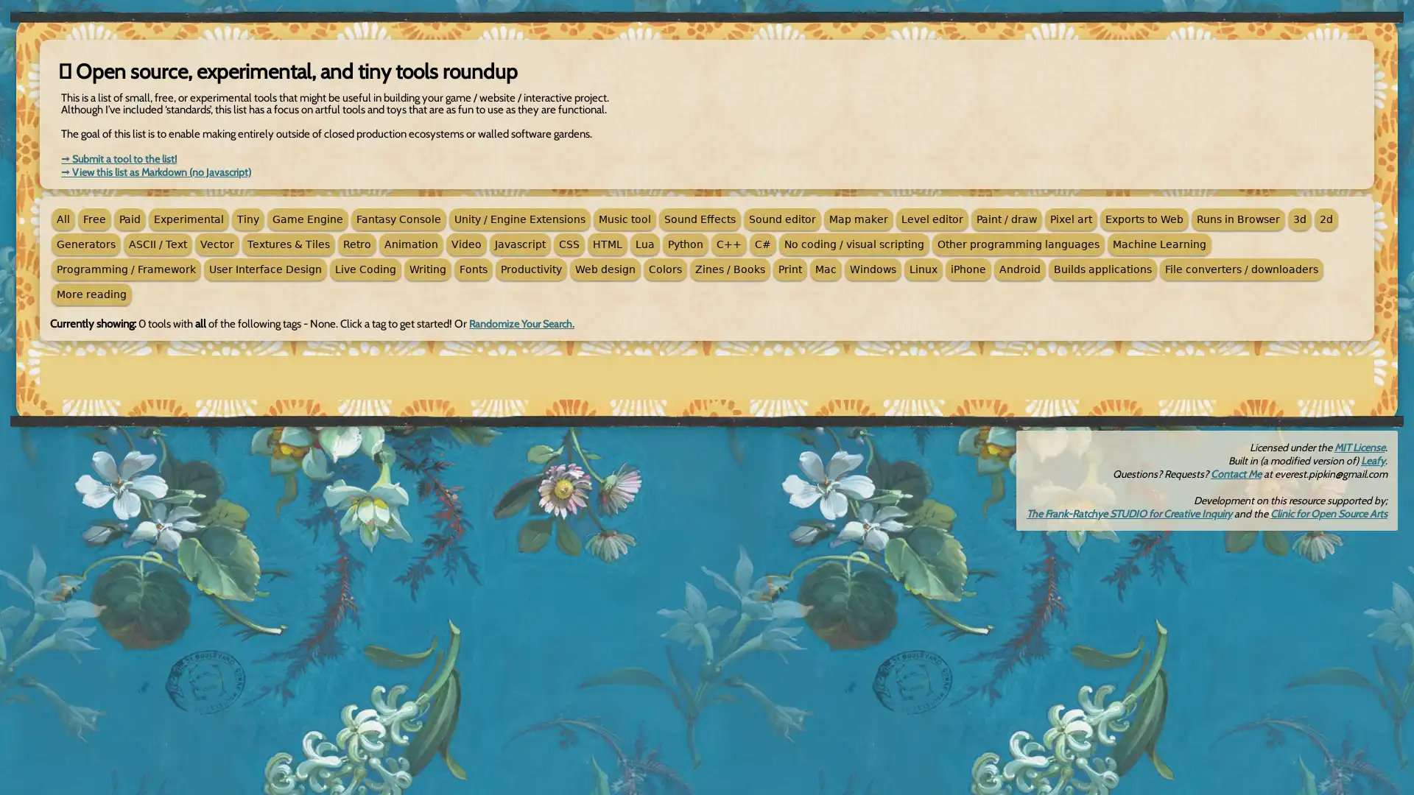  Describe the element at coordinates (664, 269) in the screenshot. I see `Colors` at that location.